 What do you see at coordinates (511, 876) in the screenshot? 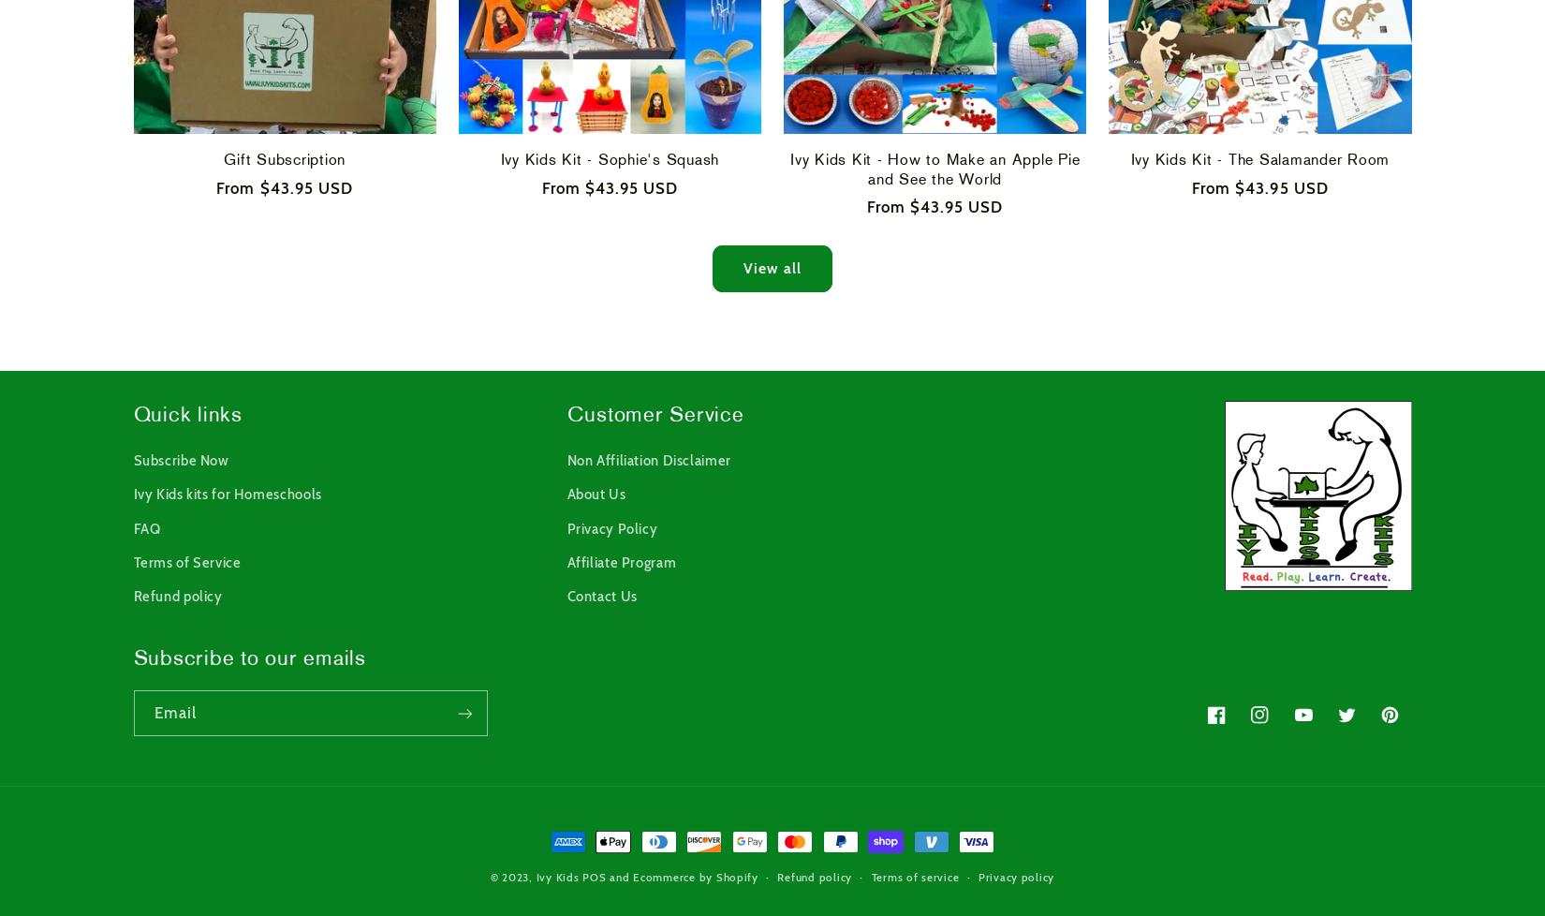
I see `'© 2023,'` at bounding box center [511, 876].